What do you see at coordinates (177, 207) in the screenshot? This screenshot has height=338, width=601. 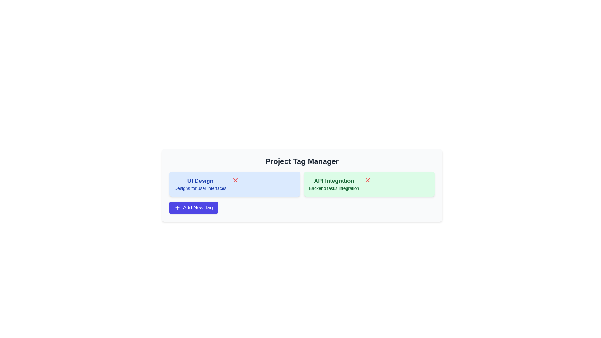 I see `the plus-shaped icon within the 'Add New Tag' button, which is styled with white lines on a deep blue background, positioned at the left side of the button` at bounding box center [177, 207].